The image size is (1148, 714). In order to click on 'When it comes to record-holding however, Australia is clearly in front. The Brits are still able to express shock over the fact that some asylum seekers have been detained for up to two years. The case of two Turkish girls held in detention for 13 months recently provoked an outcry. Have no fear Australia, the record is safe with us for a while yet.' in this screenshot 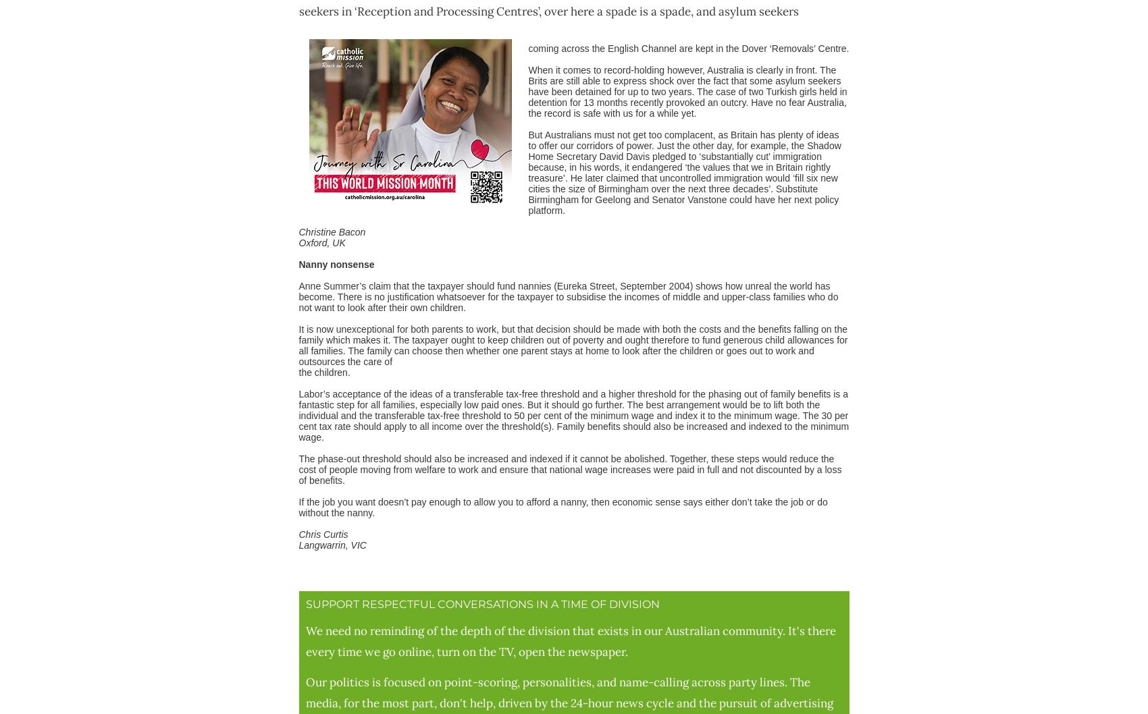, I will do `click(686, 90)`.